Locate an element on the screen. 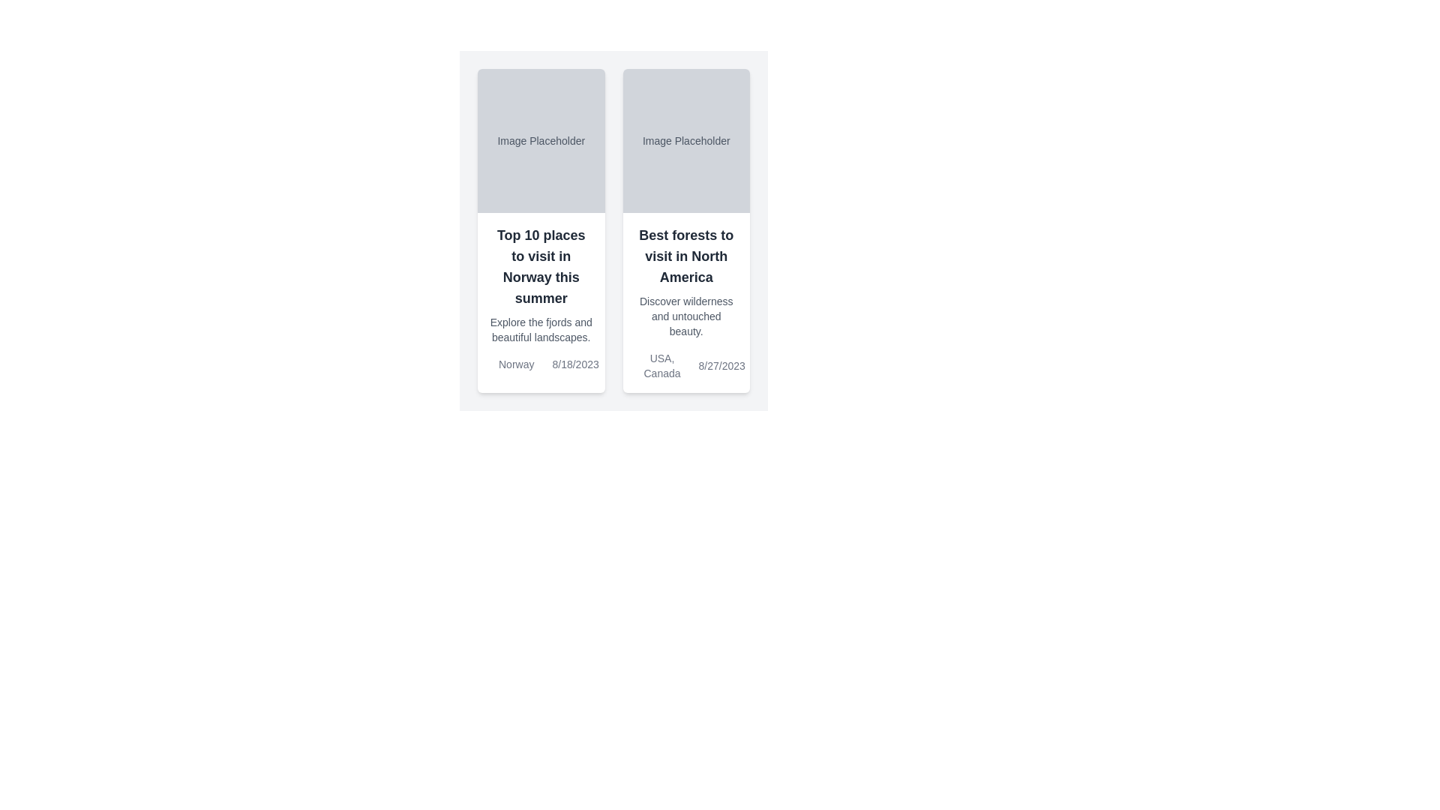 The height and width of the screenshot is (810, 1440). the Informational Card displaying 'Top 10 places to visit in Norway this summer' which has a white background and rounded corners is located at coordinates (540, 231).